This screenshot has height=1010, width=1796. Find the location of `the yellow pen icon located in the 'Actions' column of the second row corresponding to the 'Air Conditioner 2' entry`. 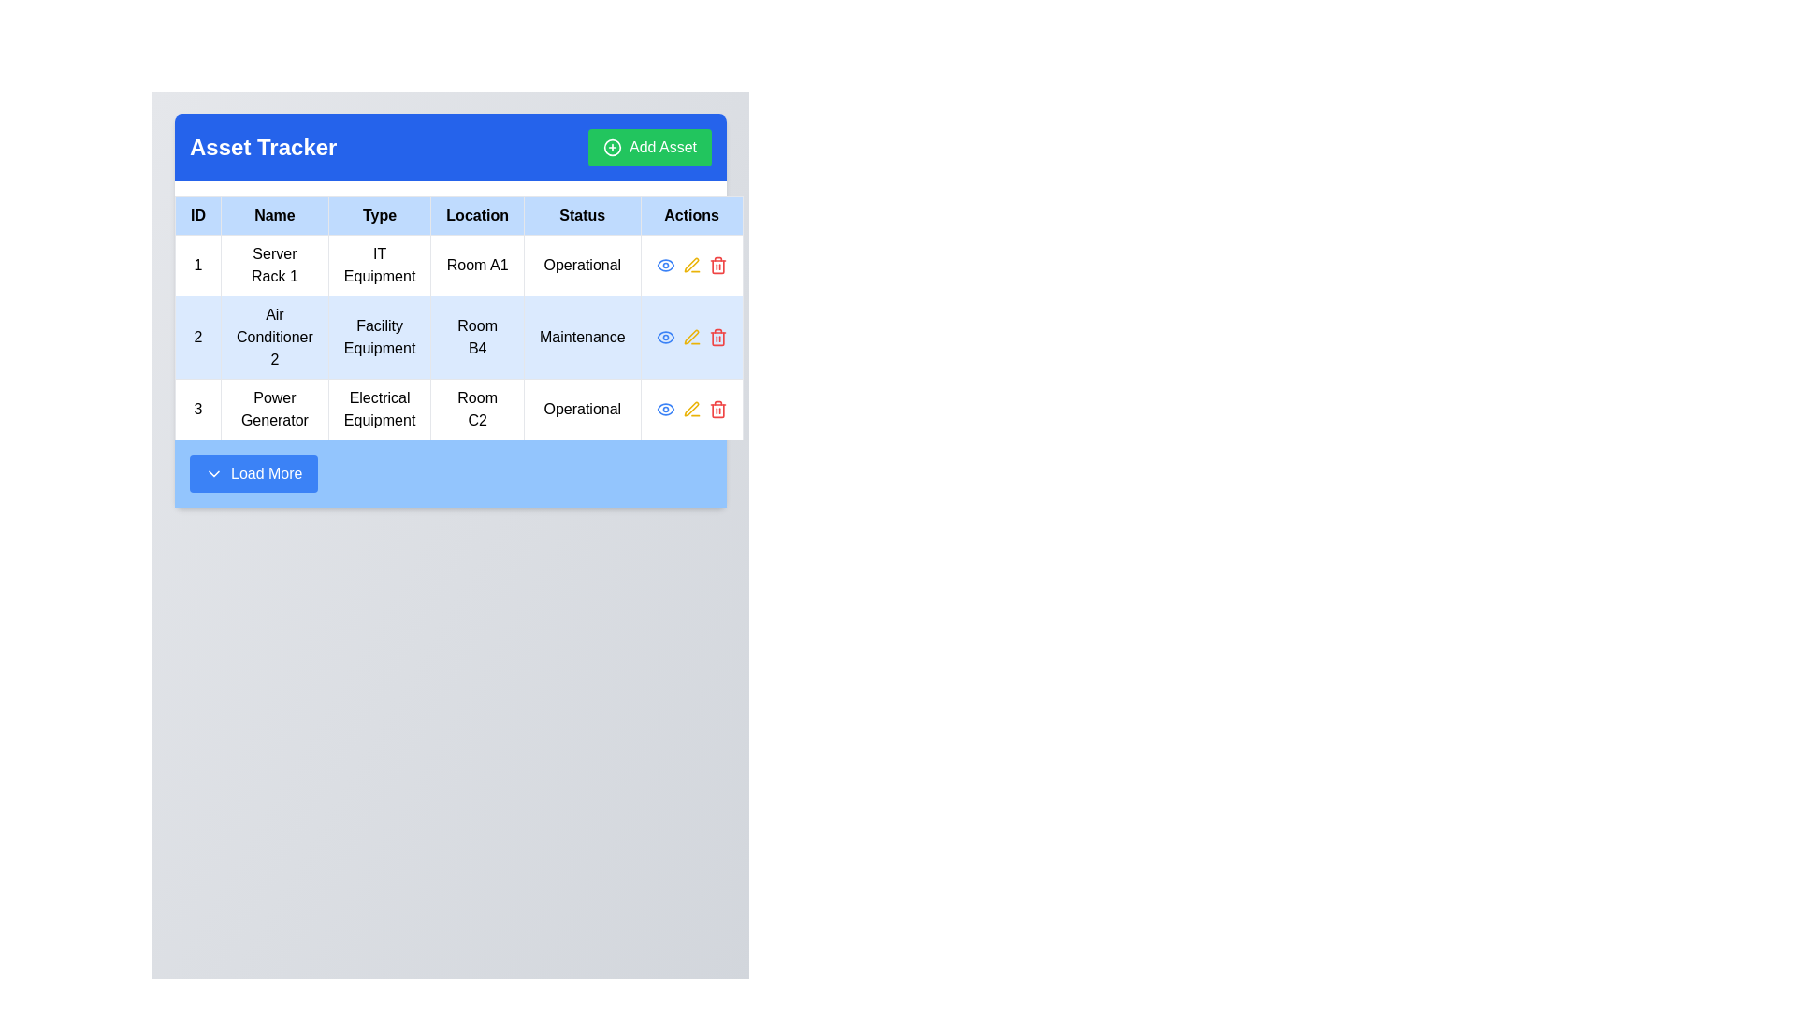

the yellow pen icon located in the 'Actions' column of the second row corresponding to the 'Air Conditioner 2' entry is located at coordinates (690, 408).